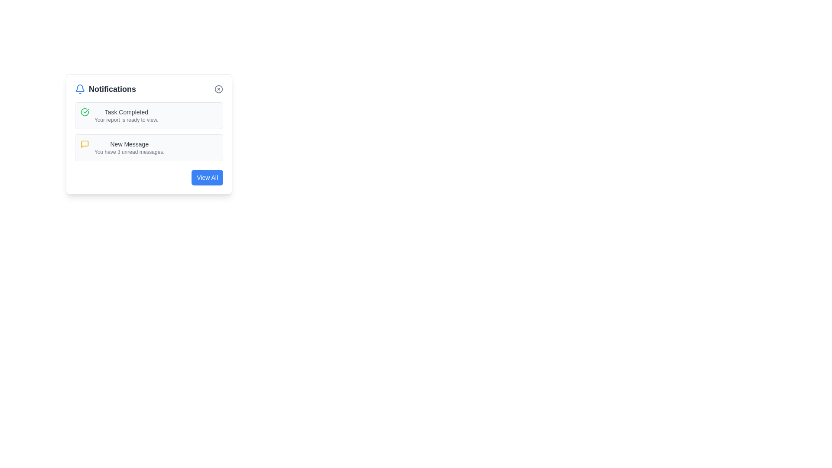 The image size is (832, 468). Describe the element at coordinates (126, 120) in the screenshot. I see `the text snippet that displays 'Your report is ready` at that location.